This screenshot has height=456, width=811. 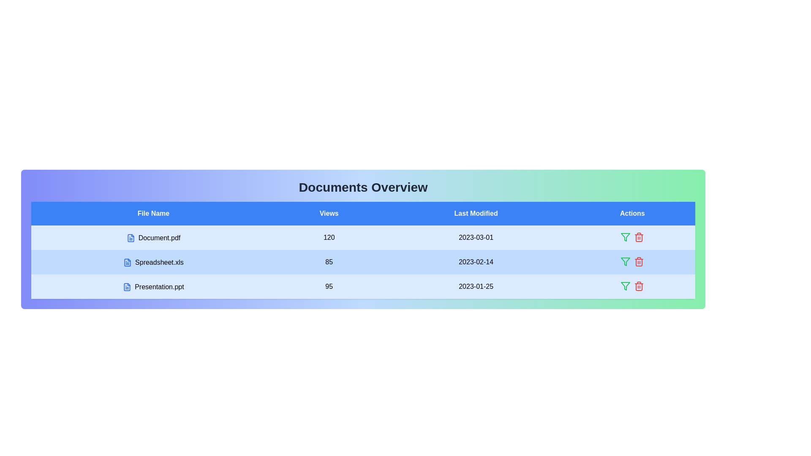 I want to click on the action icon in the 'Actions' column for the row corresponding to Document.pdf, so click(x=626, y=237).